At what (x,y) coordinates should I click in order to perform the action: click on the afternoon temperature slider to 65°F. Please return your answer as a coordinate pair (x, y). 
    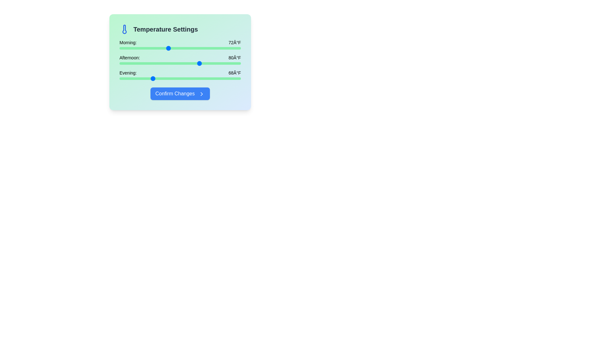
    Looking at the image, I should click on (139, 63).